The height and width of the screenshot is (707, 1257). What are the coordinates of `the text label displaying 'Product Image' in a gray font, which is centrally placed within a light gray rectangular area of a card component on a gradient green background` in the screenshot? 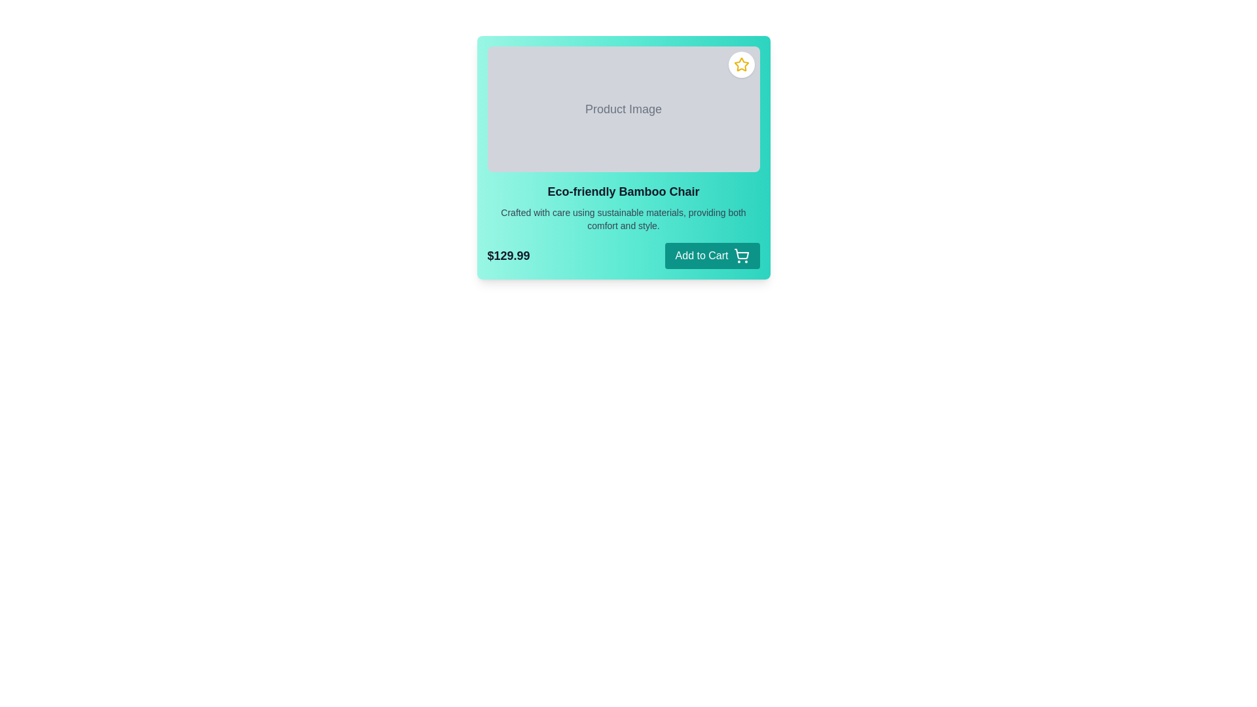 It's located at (623, 108).